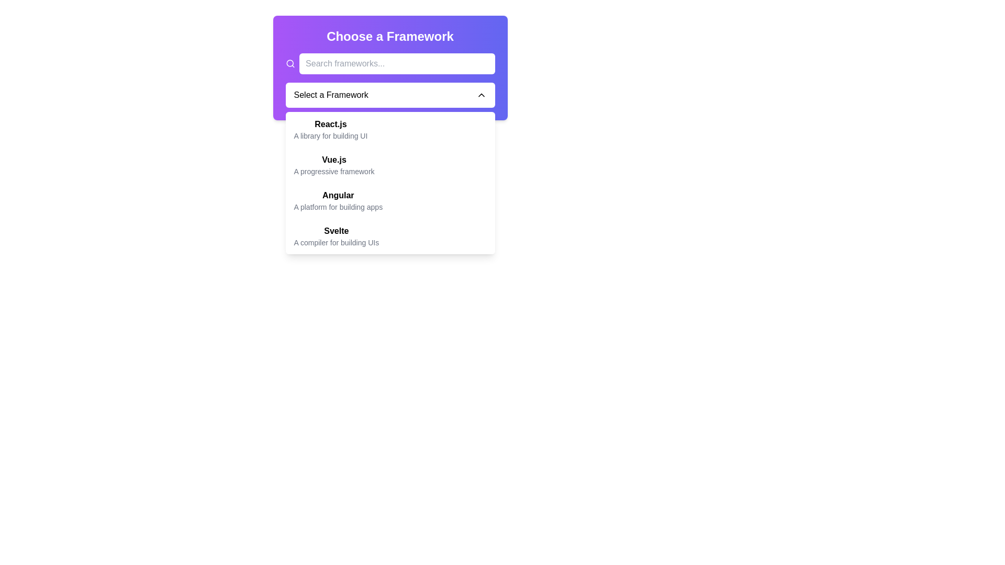 The height and width of the screenshot is (565, 1005). Describe the element at coordinates (333, 171) in the screenshot. I see `description text label for 'Vue.js' located within the dropdown menu, positioned as a subtitle under the bold text 'Vue.js'` at that location.